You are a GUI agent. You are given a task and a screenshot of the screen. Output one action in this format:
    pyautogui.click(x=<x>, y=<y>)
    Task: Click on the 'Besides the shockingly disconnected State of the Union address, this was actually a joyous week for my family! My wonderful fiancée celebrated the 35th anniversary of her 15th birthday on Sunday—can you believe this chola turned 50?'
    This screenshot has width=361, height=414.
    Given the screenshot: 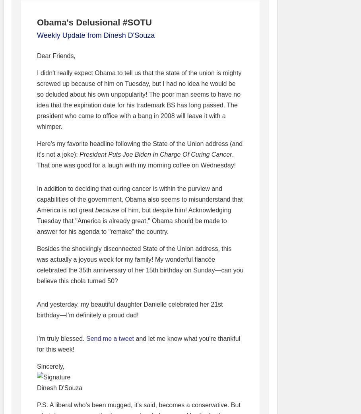 What is the action you would take?
    pyautogui.click(x=36, y=264)
    